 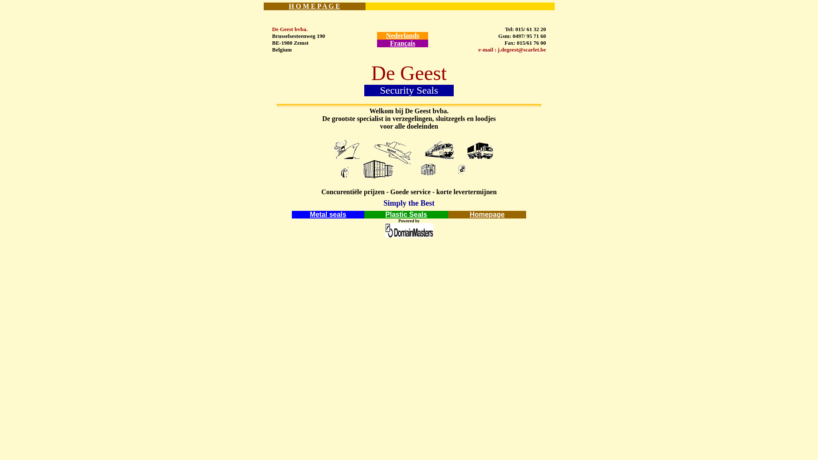 I want to click on 'Plastic Seals', so click(x=385, y=214).